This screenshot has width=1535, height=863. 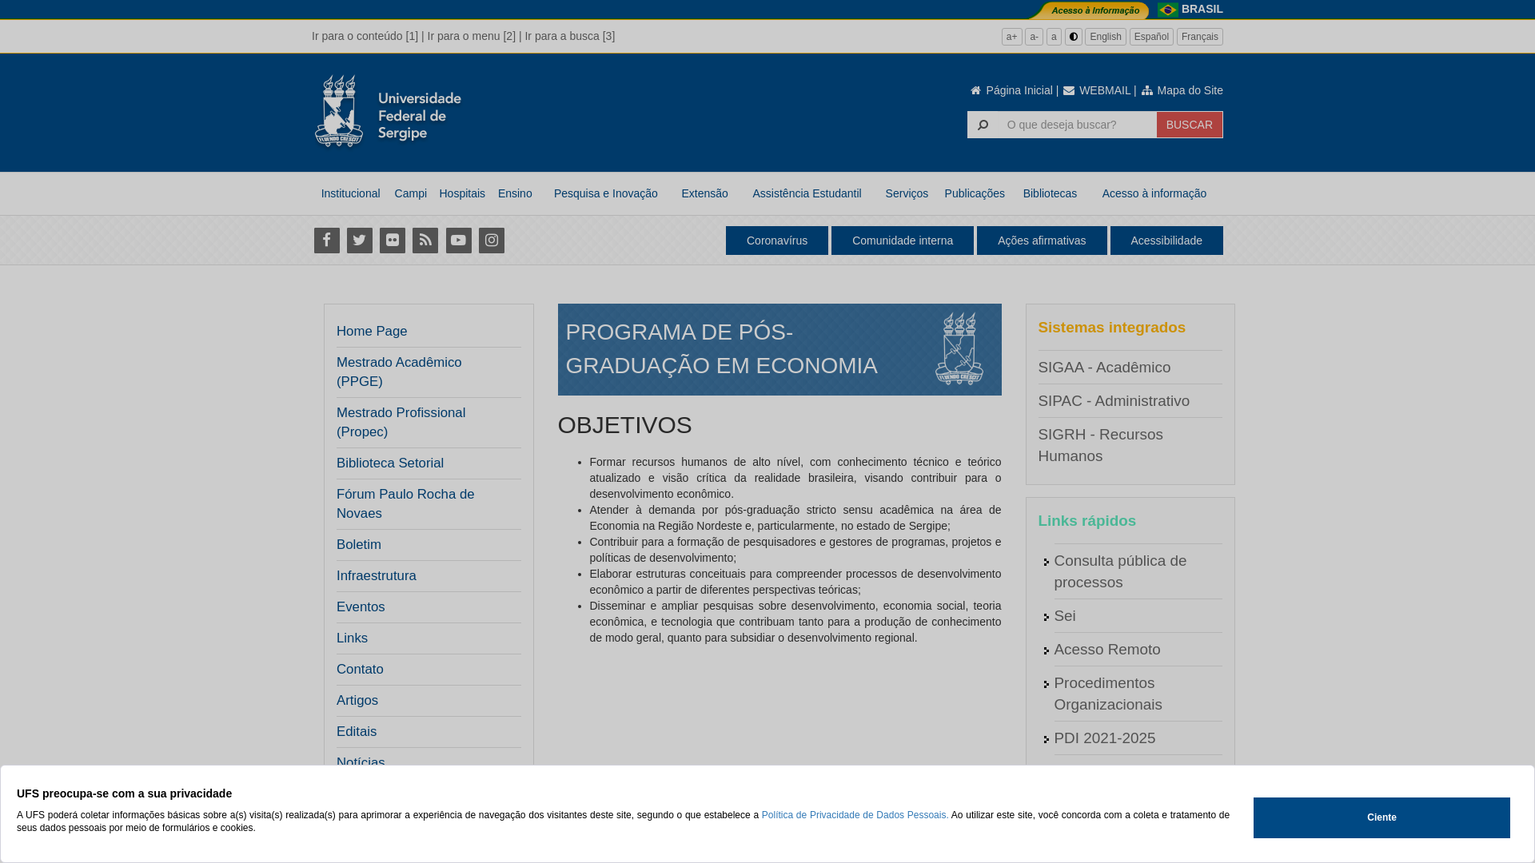 I want to click on 'Ir para o menu [2]', so click(x=427, y=36).